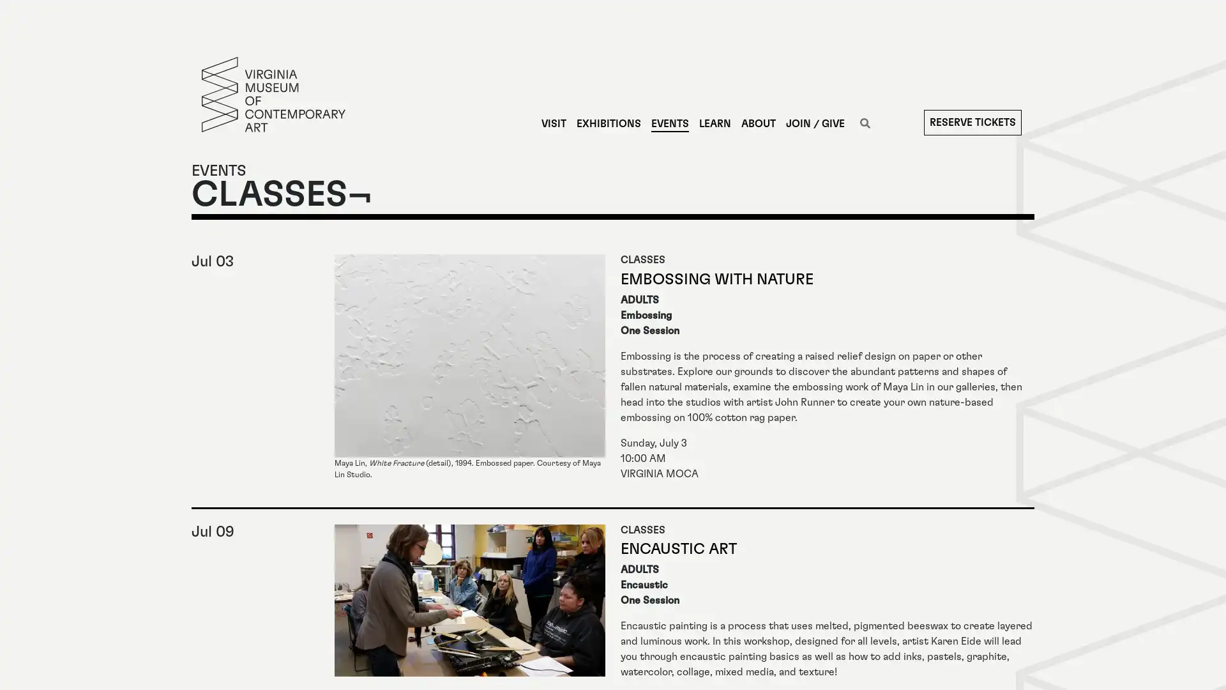 This screenshot has width=1226, height=690. What do you see at coordinates (757, 123) in the screenshot?
I see `ABOUT` at bounding box center [757, 123].